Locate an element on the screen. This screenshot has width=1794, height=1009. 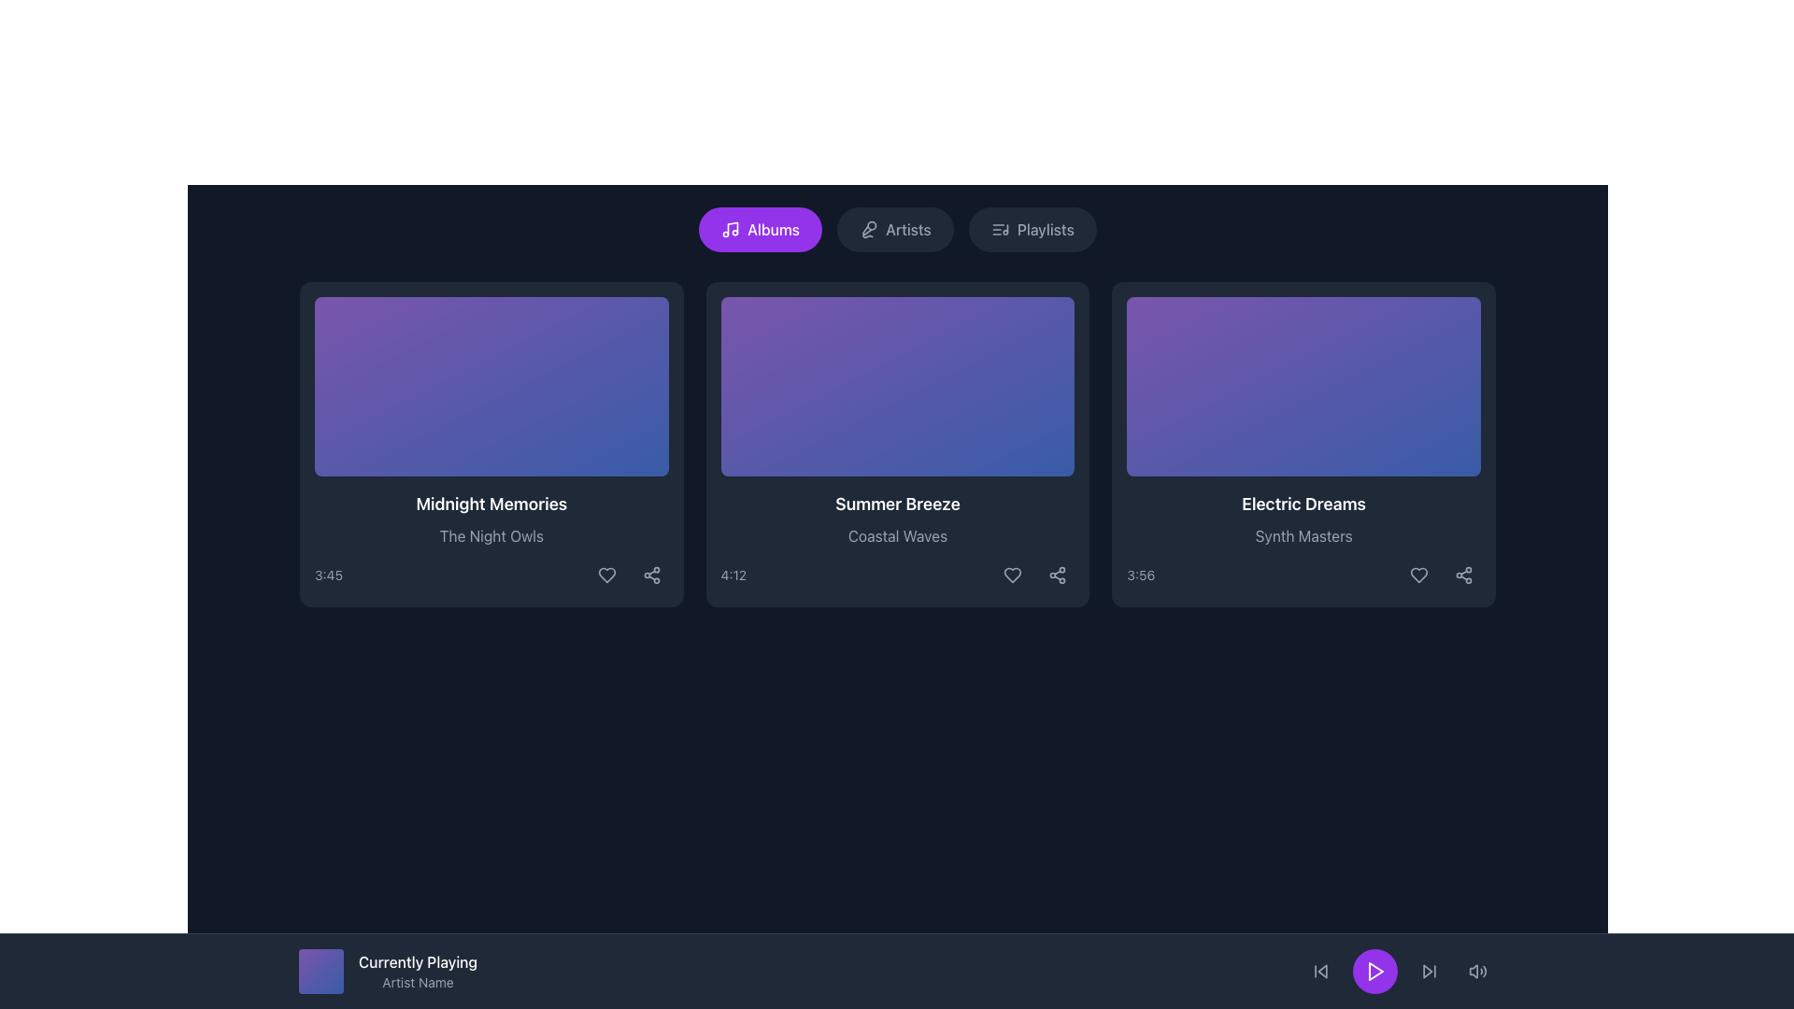
or read the text label displaying 'Electric Dreams' in white, bold font, positioned above 'Synth Masters' in the third column of the card layout is located at coordinates (1303, 504).